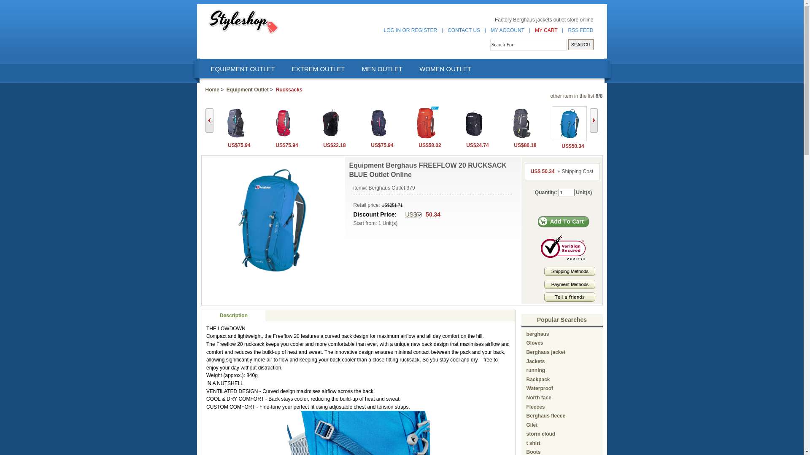 The height and width of the screenshot is (455, 810). Describe the element at coordinates (410, 30) in the screenshot. I see `'LOG IN OR REGISTER'` at that location.